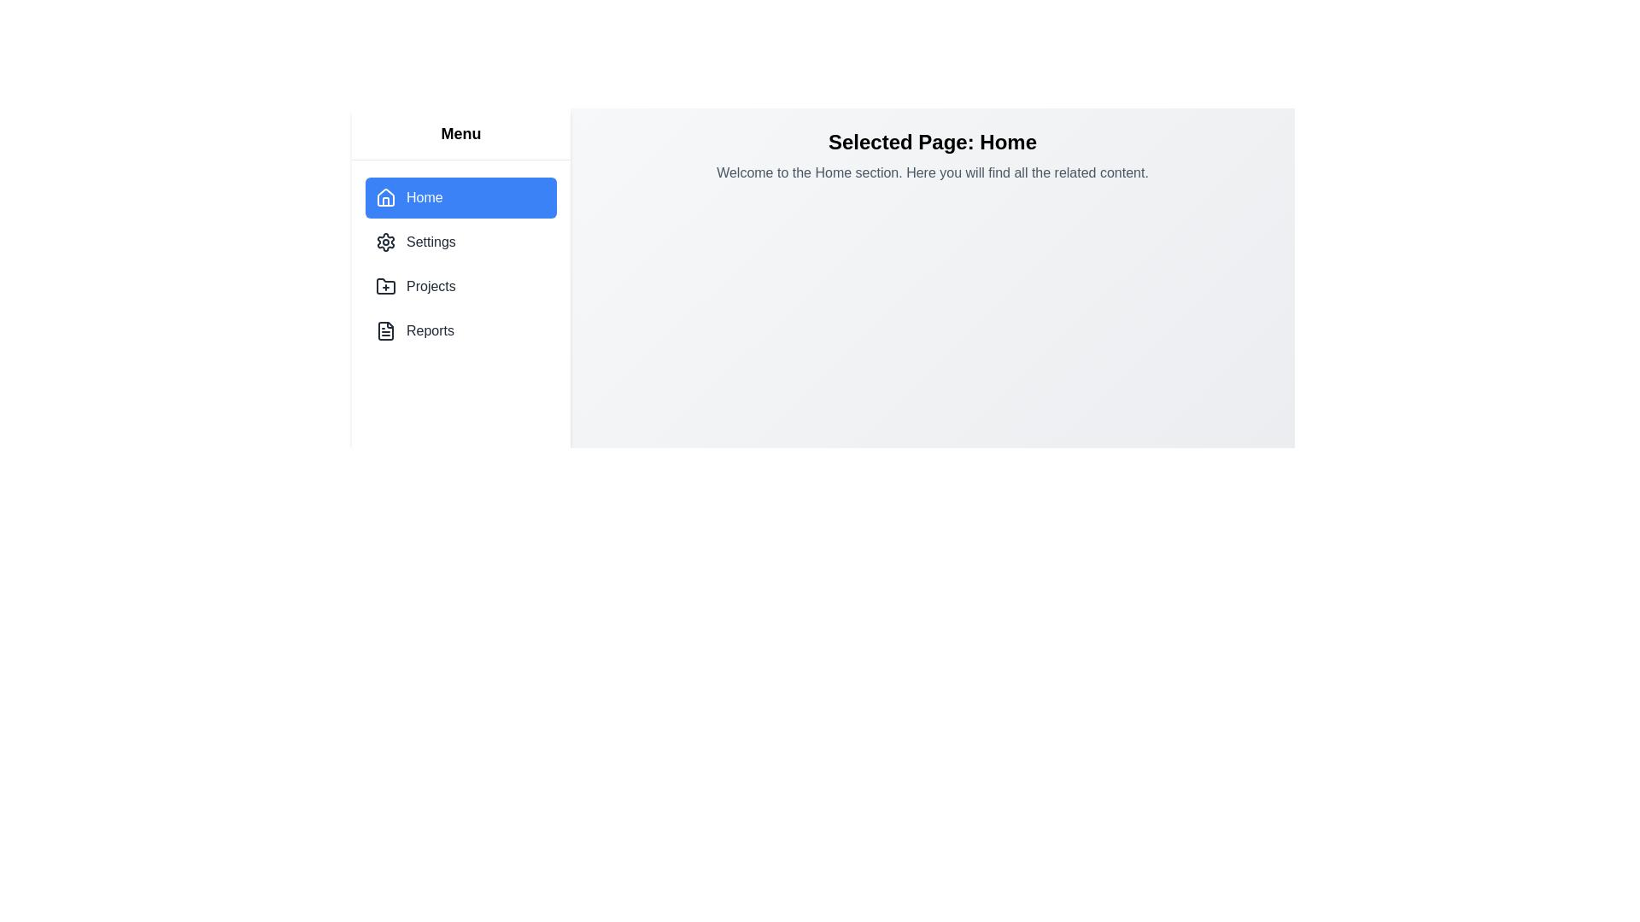  What do you see at coordinates (931, 173) in the screenshot?
I see `the static text label that provides context for the 'Home' section, located beneath 'Selected Page: Home'` at bounding box center [931, 173].